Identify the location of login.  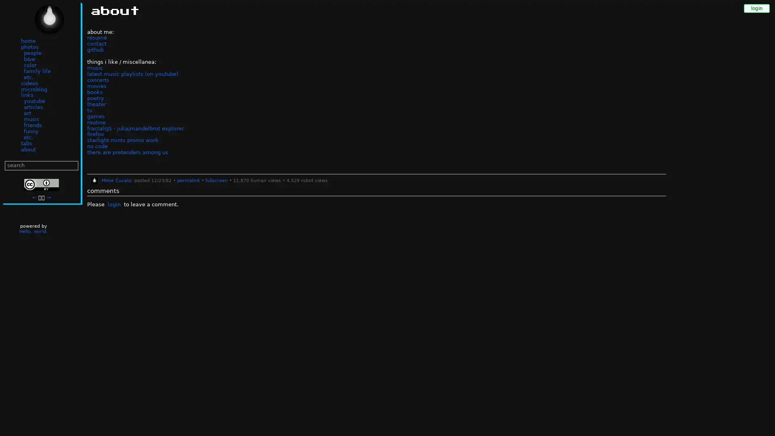
(113, 204).